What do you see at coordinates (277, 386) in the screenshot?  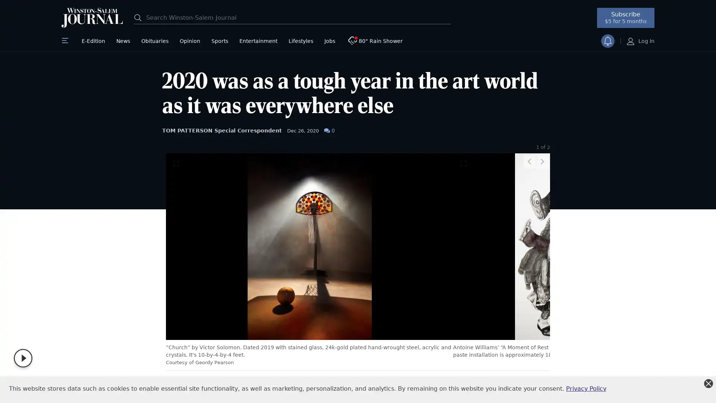 I see `Save` at bounding box center [277, 386].